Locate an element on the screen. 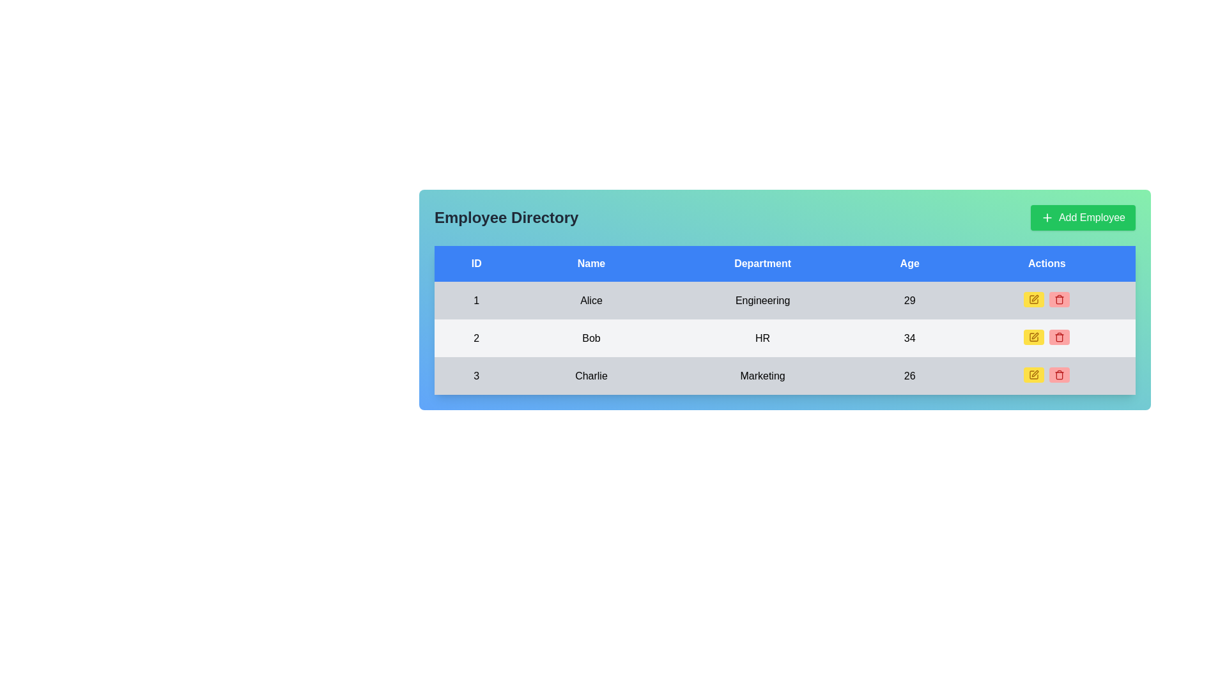  the last row of the employee table that displays information about employee 'Charlie' is located at coordinates (784, 375).